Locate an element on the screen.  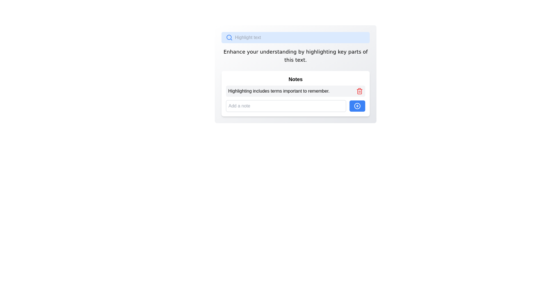
the letter 'n' in the word 'understanding' within the phrase 'Enhance your understanding by highlighting key parts of this text.' is located at coordinates (284, 52).